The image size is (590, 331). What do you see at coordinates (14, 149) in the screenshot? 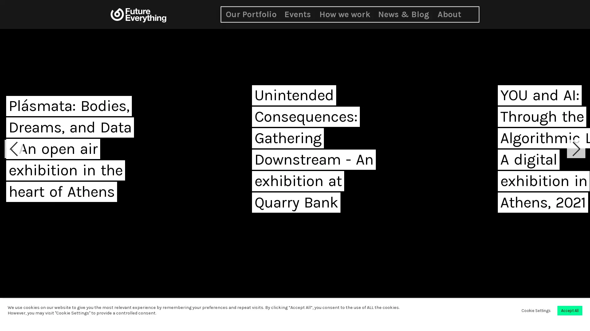
I see `Previous` at bounding box center [14, 149].